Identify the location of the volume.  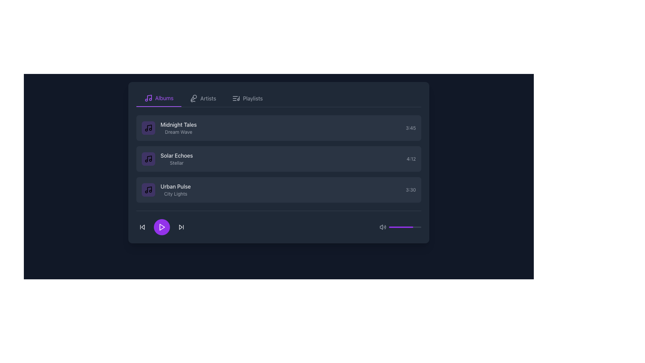
(394, 227).